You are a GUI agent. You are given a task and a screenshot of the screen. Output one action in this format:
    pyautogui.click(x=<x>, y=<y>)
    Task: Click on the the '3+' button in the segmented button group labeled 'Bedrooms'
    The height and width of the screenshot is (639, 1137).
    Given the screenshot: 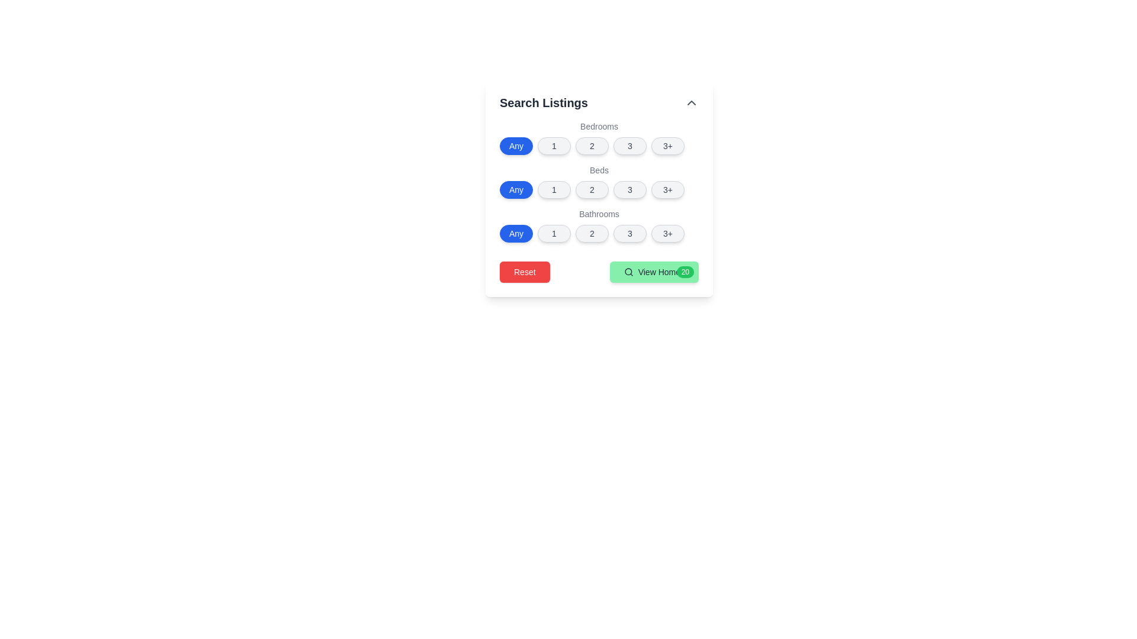 What is the action you would take?
    pyautogui.click(x=599, y=137)
    